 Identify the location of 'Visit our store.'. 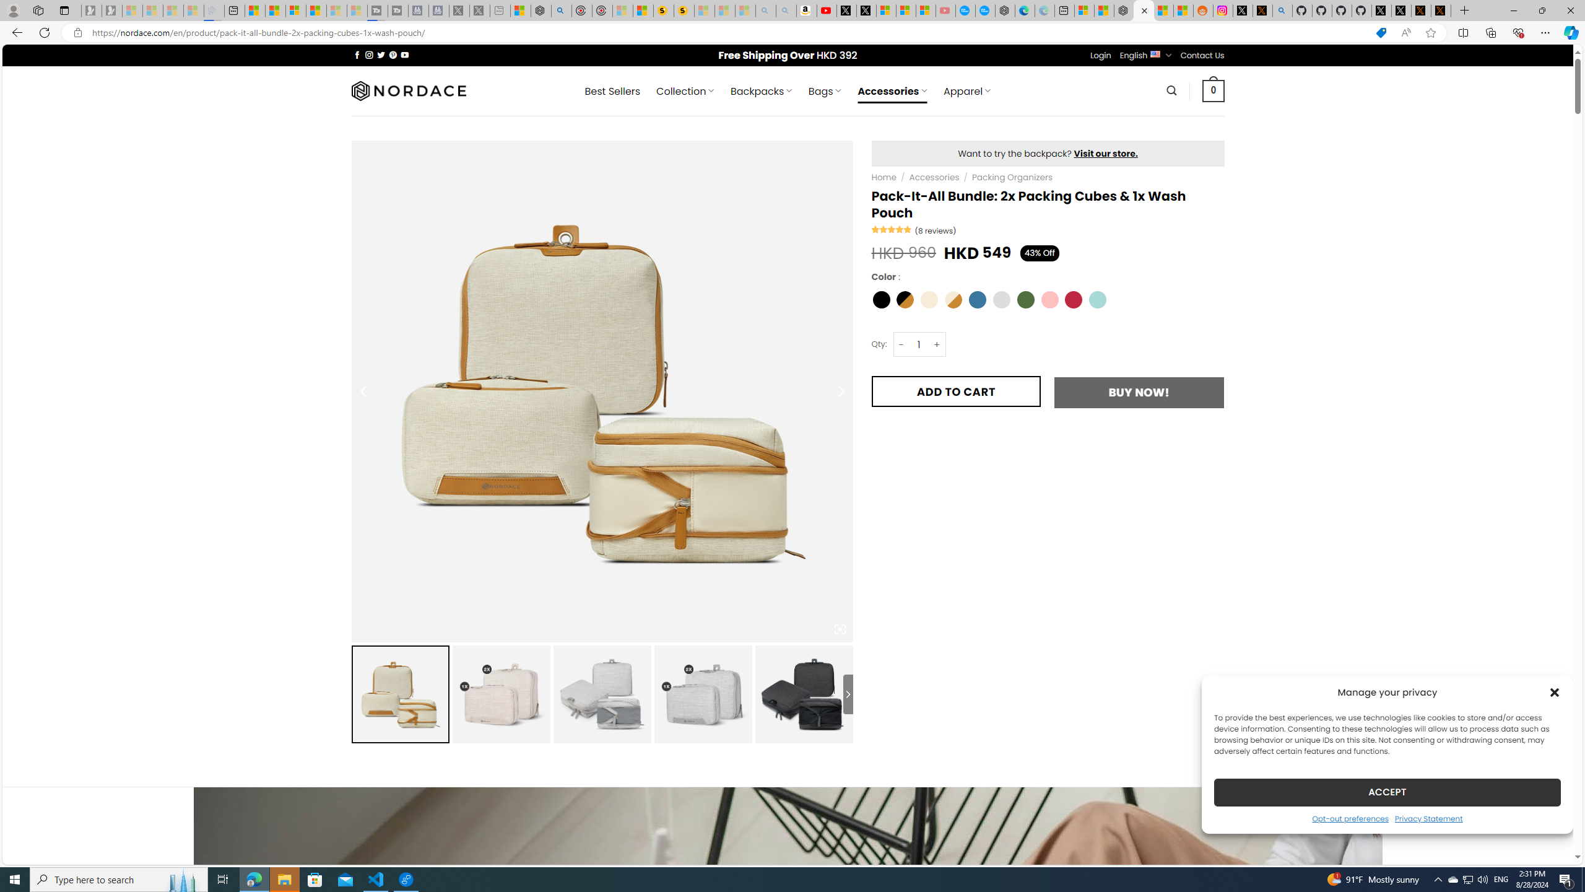
(1105, 152).